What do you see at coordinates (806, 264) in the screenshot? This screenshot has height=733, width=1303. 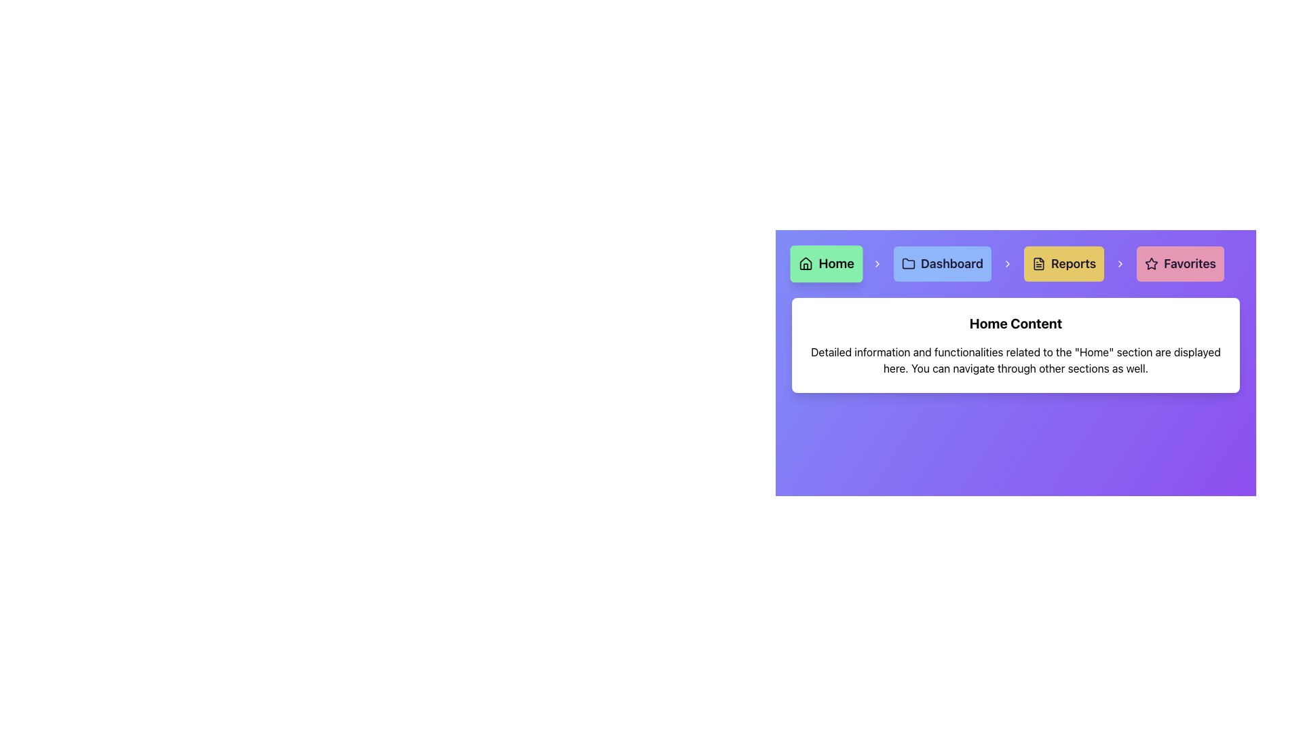 I see `the 'Home' icon located inside the green rectangular button labeled 'Home' in the top center navigation menu` at bounding box center [806, 264].